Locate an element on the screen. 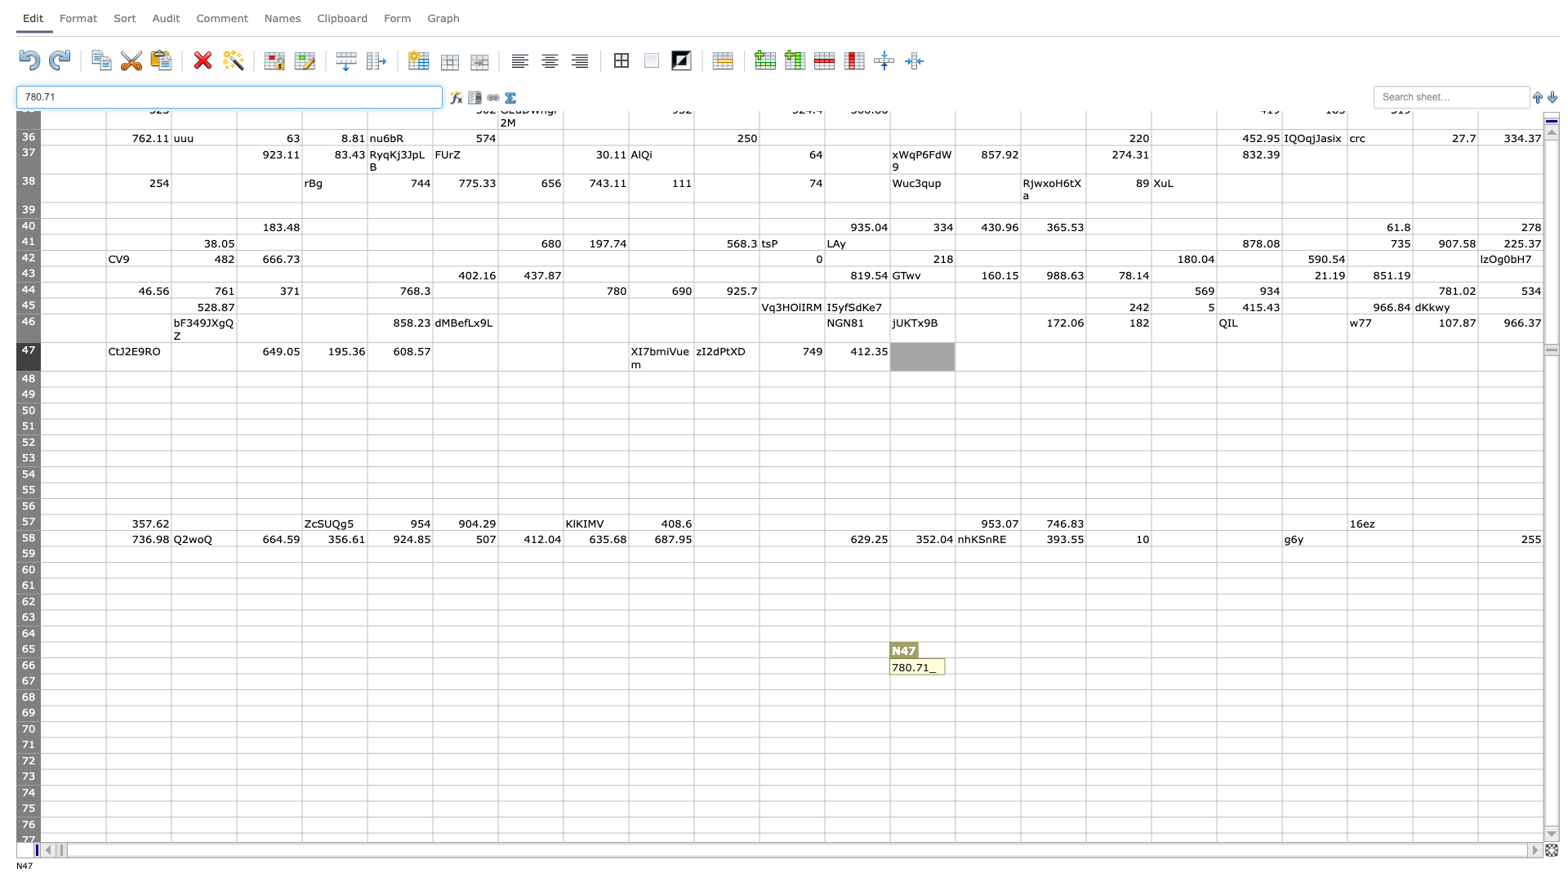  fill handle of O67 is located at coordinates (1019, 689).